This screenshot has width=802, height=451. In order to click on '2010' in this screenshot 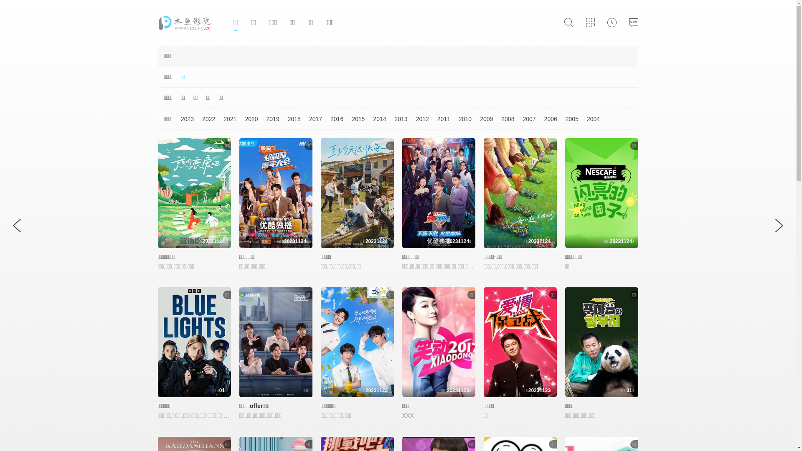, I will do `click(460, 119)`.